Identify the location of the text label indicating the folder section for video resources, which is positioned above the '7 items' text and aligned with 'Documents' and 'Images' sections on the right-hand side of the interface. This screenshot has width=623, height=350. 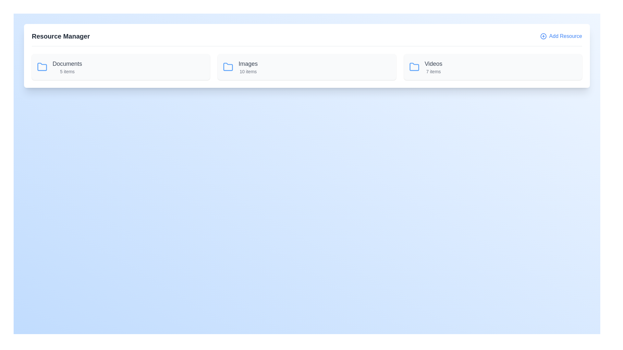
(433, 64).